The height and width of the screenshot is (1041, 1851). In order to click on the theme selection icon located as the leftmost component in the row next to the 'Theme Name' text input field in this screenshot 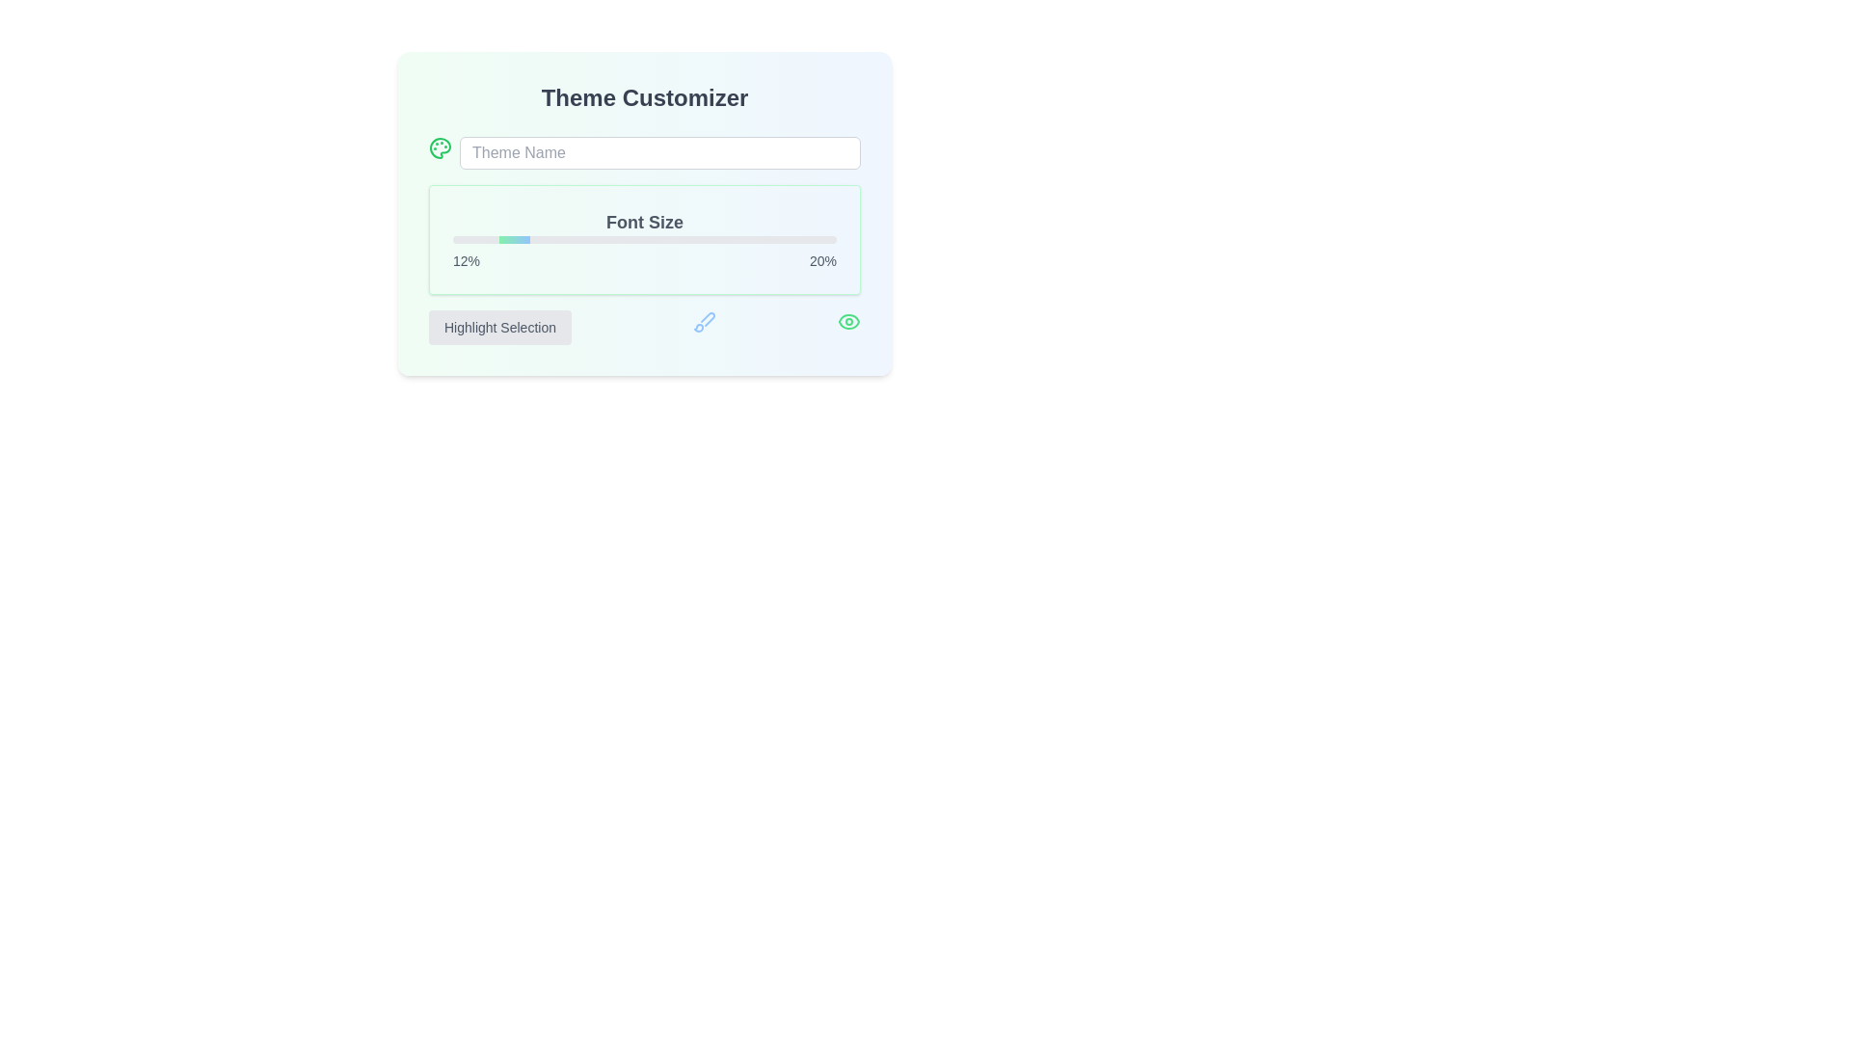, I will do `click(439, 147)`.